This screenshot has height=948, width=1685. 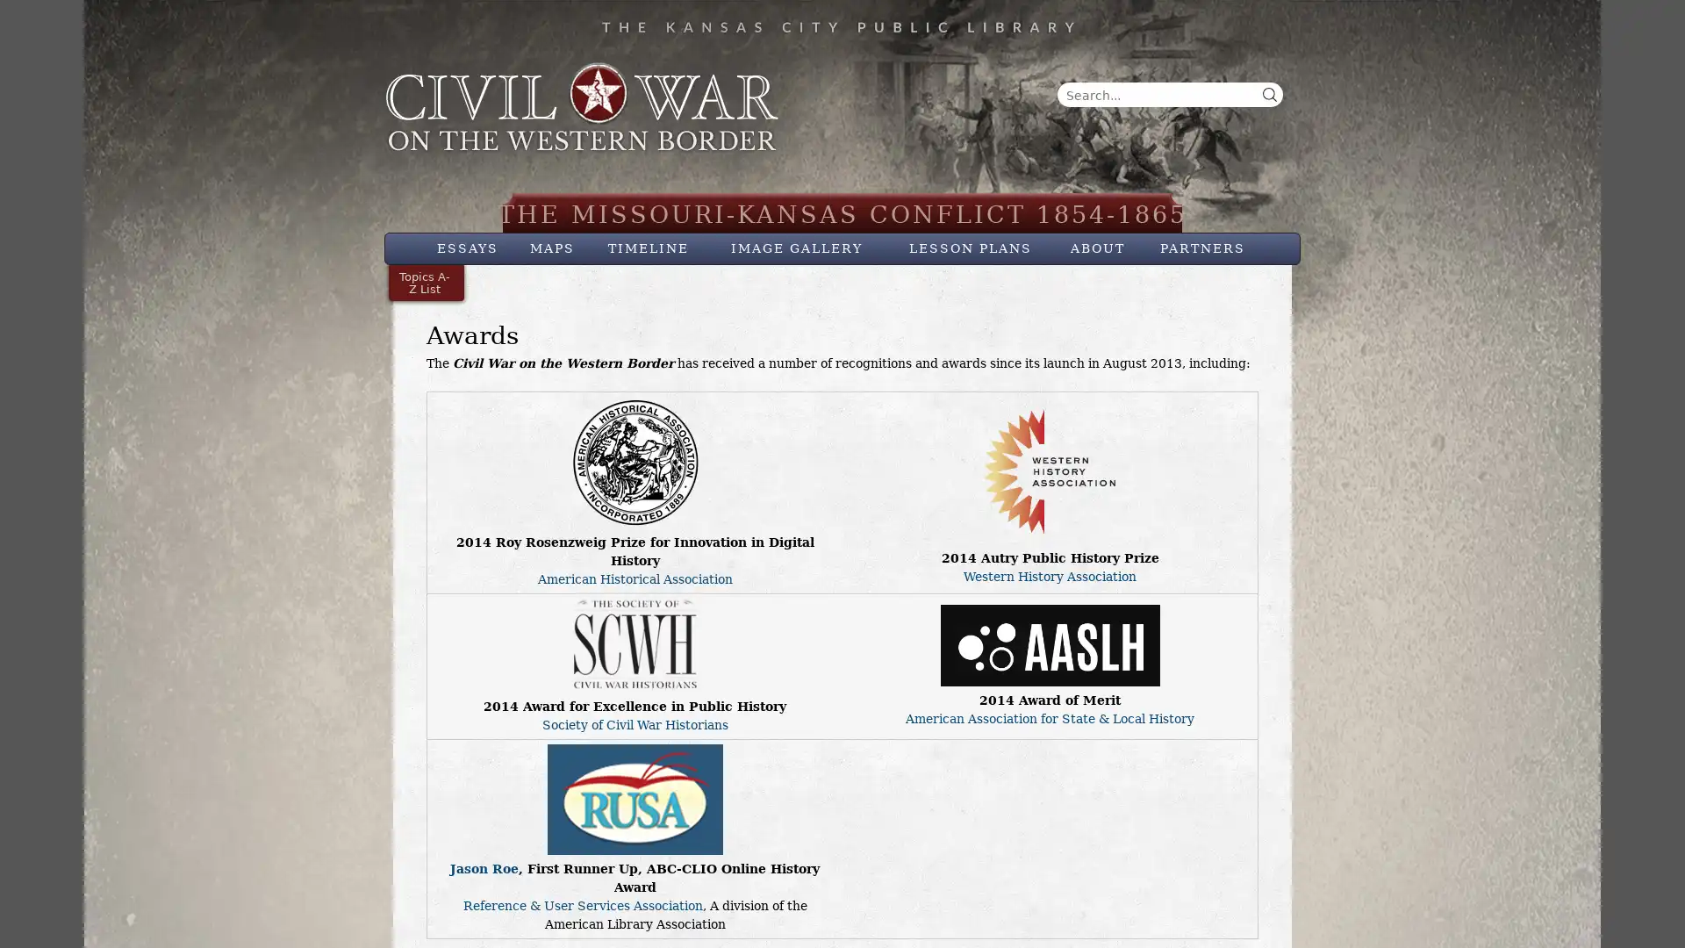 What do you see at coordinates (1272, 95) in the screenshot?
I see `Search` at bounding box center [1272, 95].